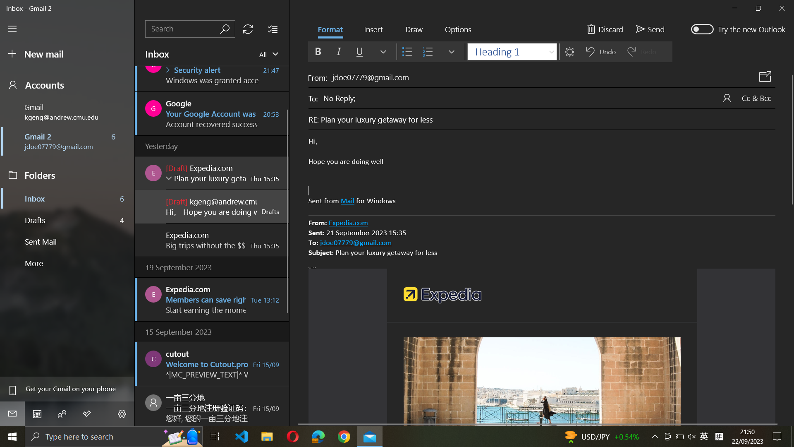  Describe the element at coordinates (66, 54) in the screenshot. I see `Create a new mail` at that location.